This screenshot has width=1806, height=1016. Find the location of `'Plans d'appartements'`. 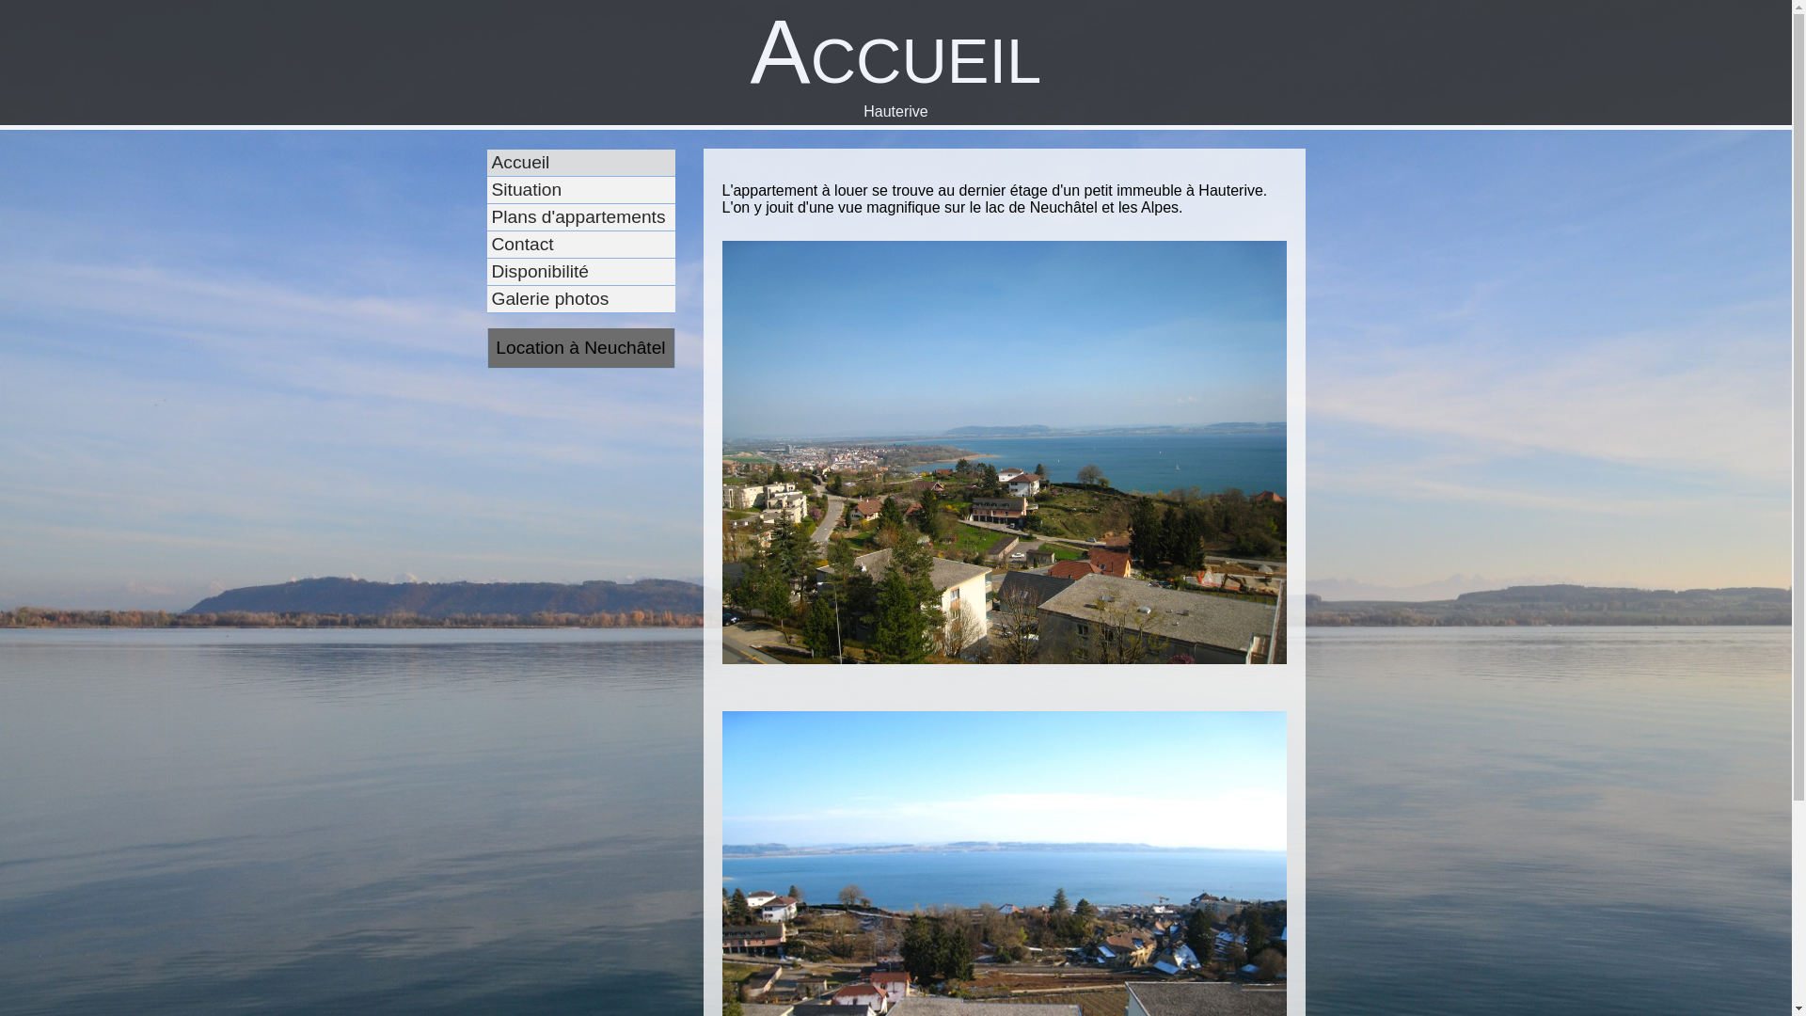

'Plans d'appartements' is located at coordinates (599, 216).